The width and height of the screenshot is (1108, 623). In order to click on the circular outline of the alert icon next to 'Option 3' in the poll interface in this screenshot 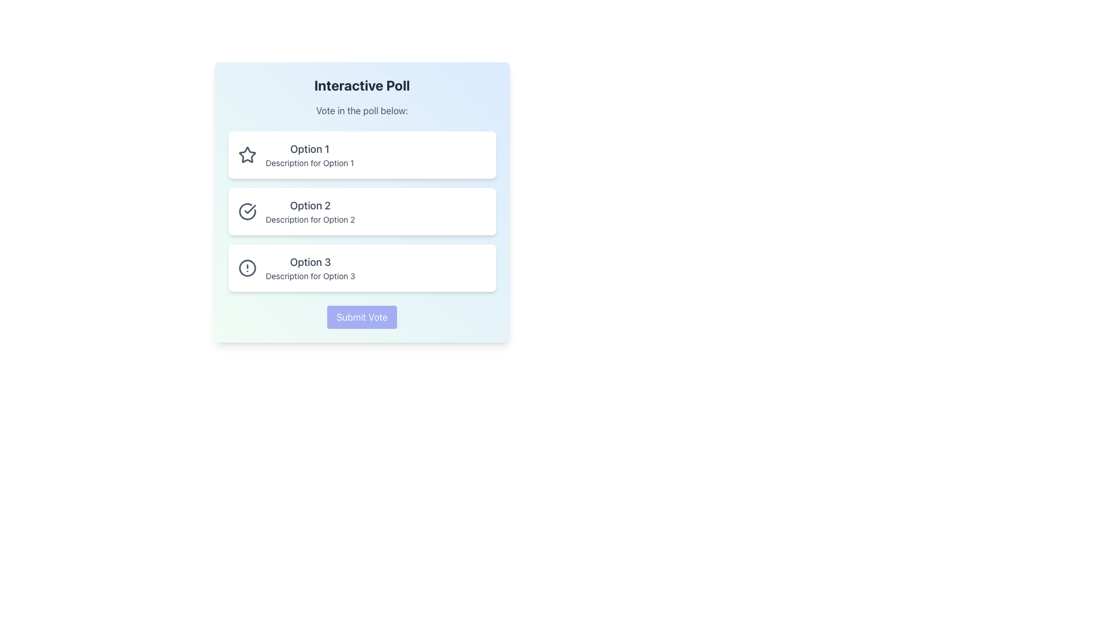, I will do `click(246, 268)`.